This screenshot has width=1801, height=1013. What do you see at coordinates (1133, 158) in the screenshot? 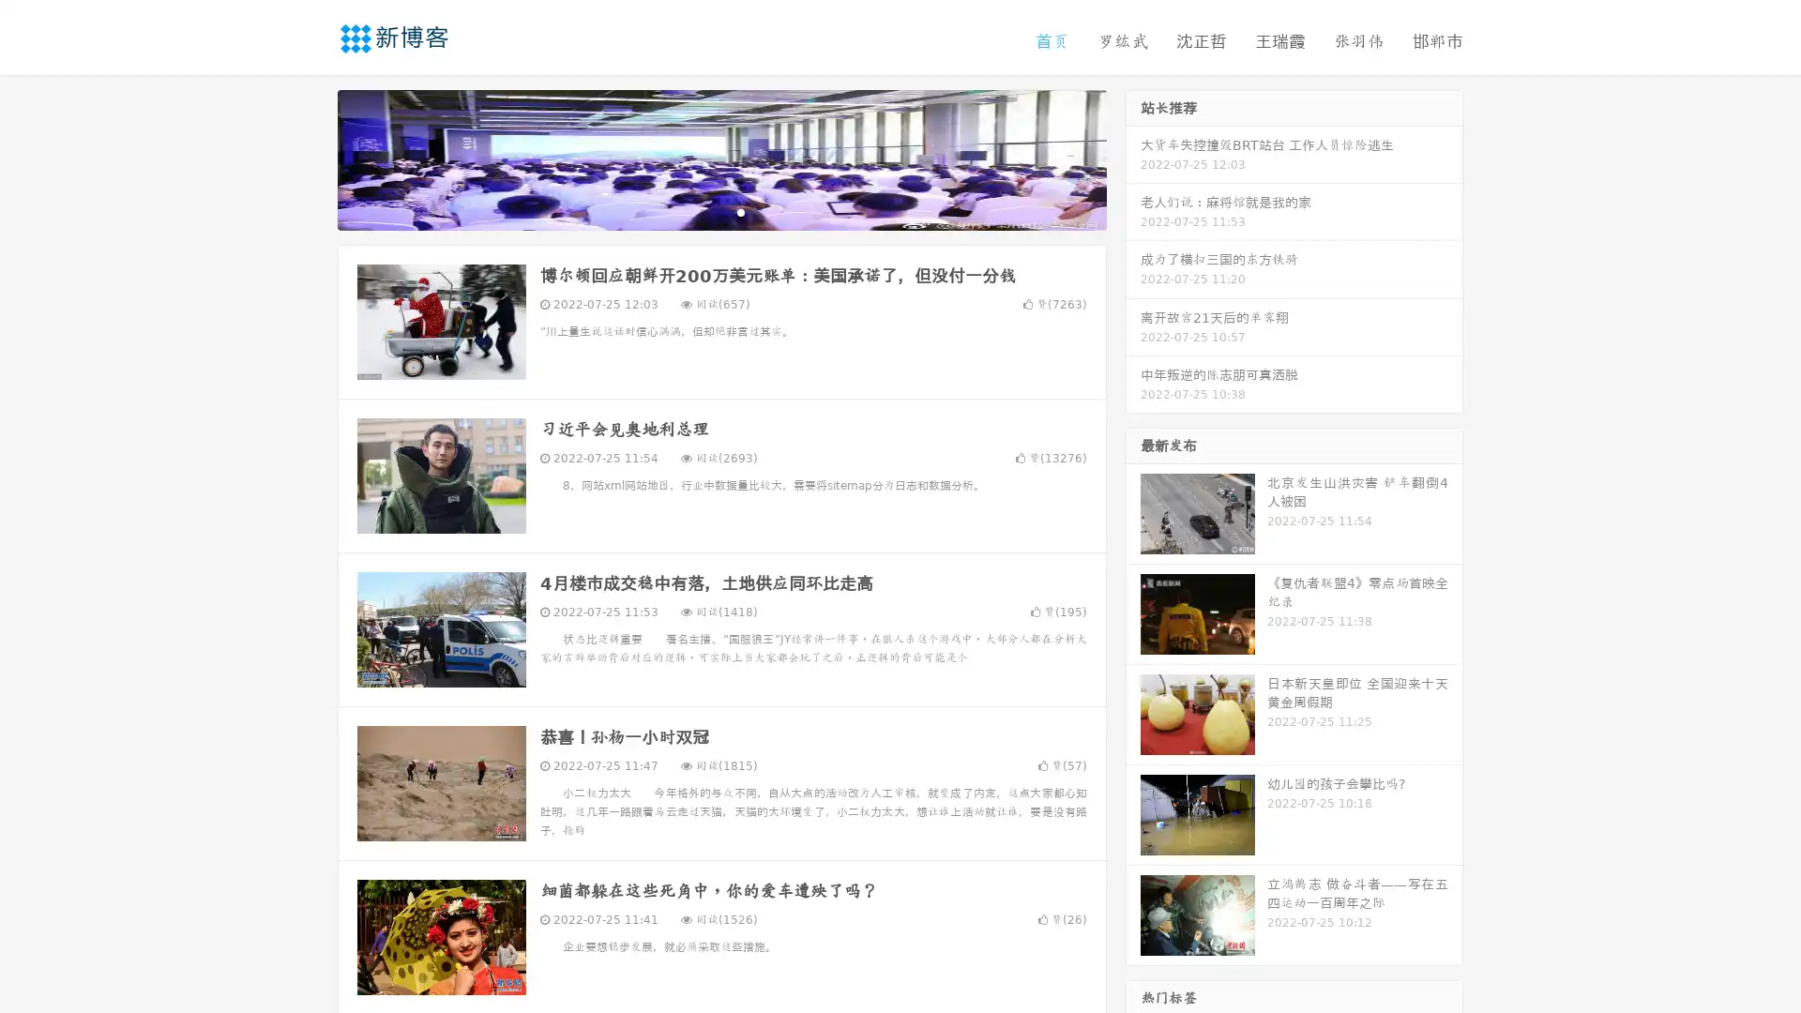
I see `Next slide` at bounding box center [1133, 158].